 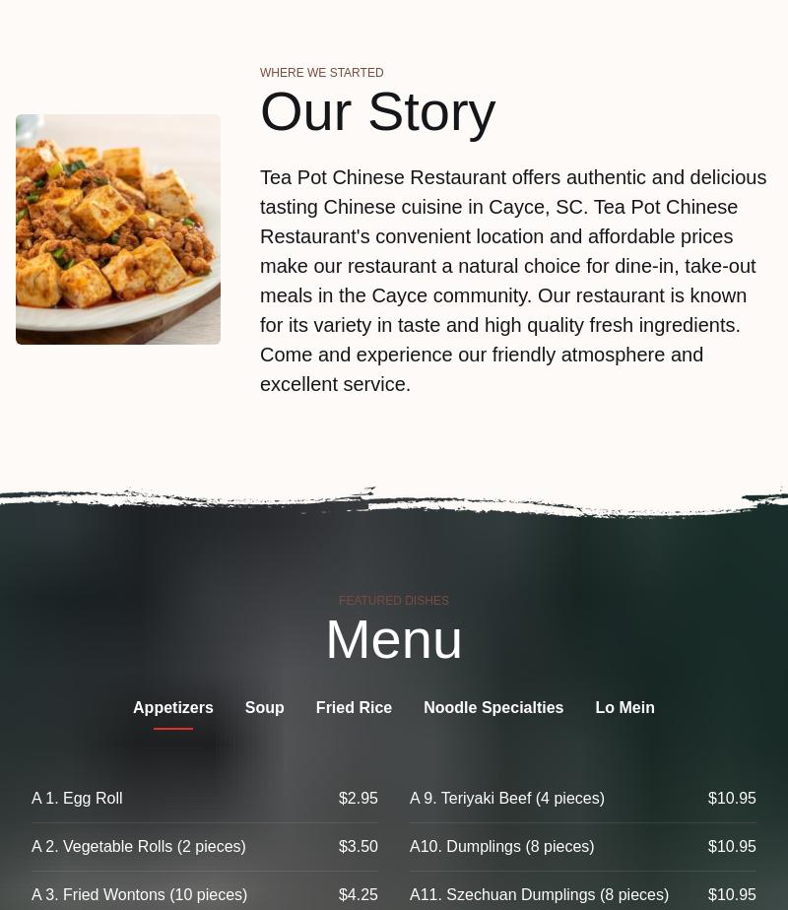 I want to click on 'Menu', so click(x=323, y=638).